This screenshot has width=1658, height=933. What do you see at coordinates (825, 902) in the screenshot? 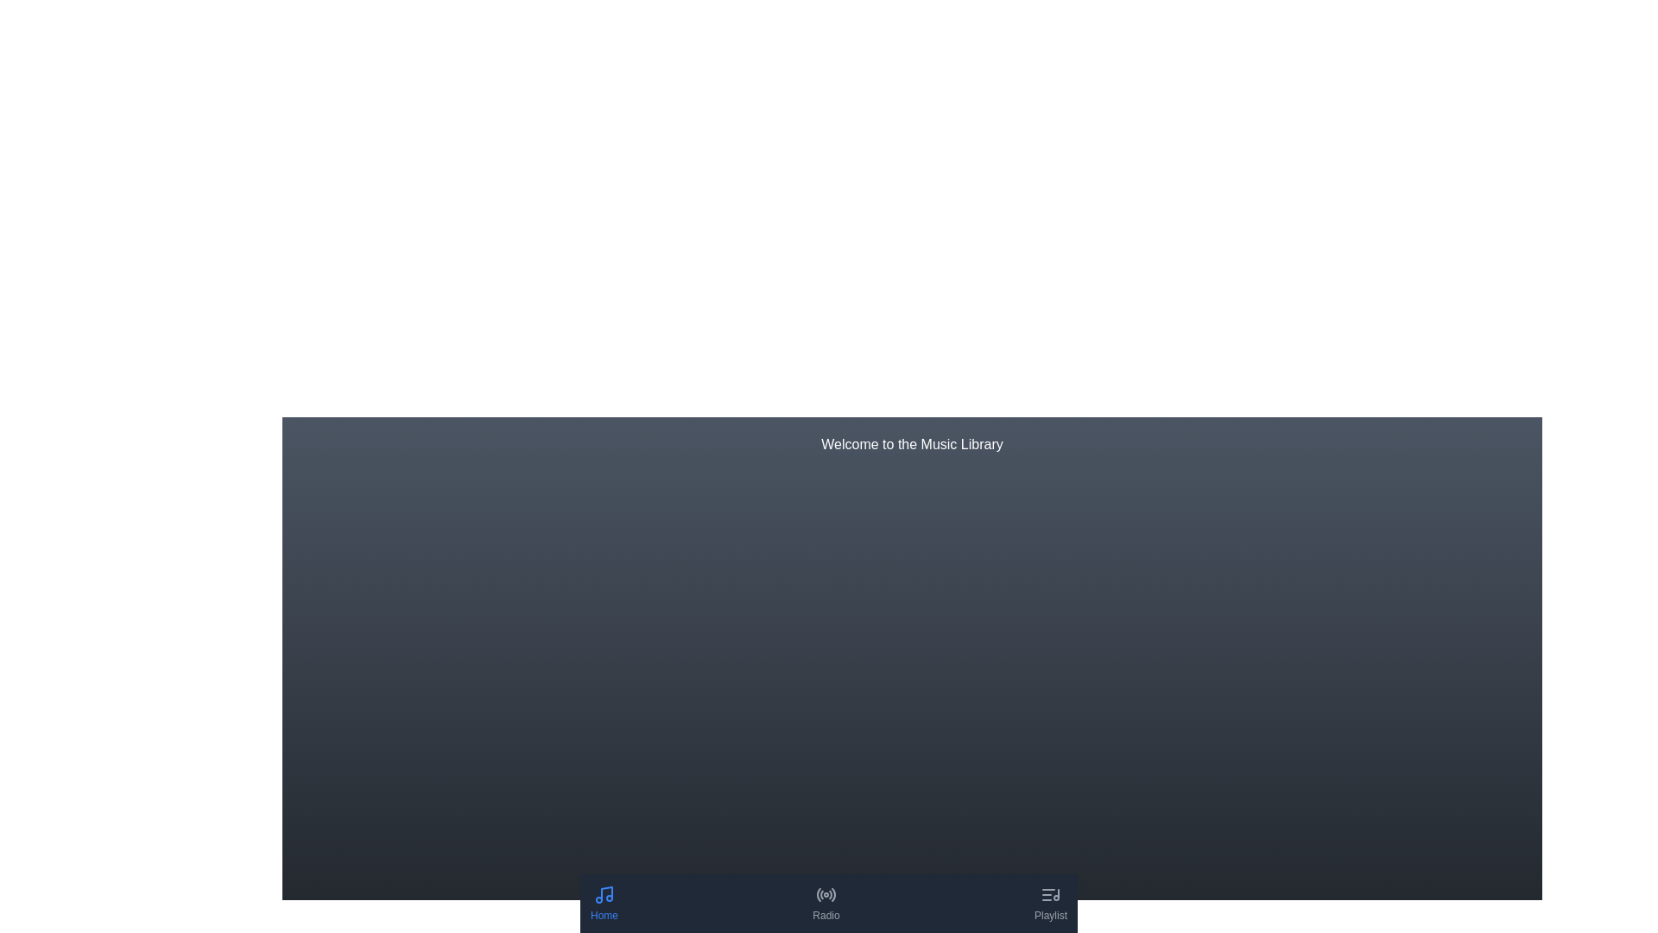
I see `the 'Radio' button in the bottom navigation bar, which features a gray radio icon and text label` at bounding box center [825, 902].